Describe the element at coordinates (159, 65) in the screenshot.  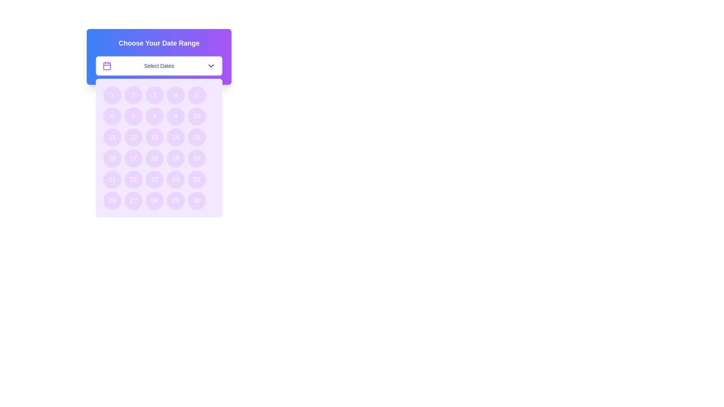
I see `the date selection dropdown containing a calendar icon and the text 'Select Dates'` at that location.